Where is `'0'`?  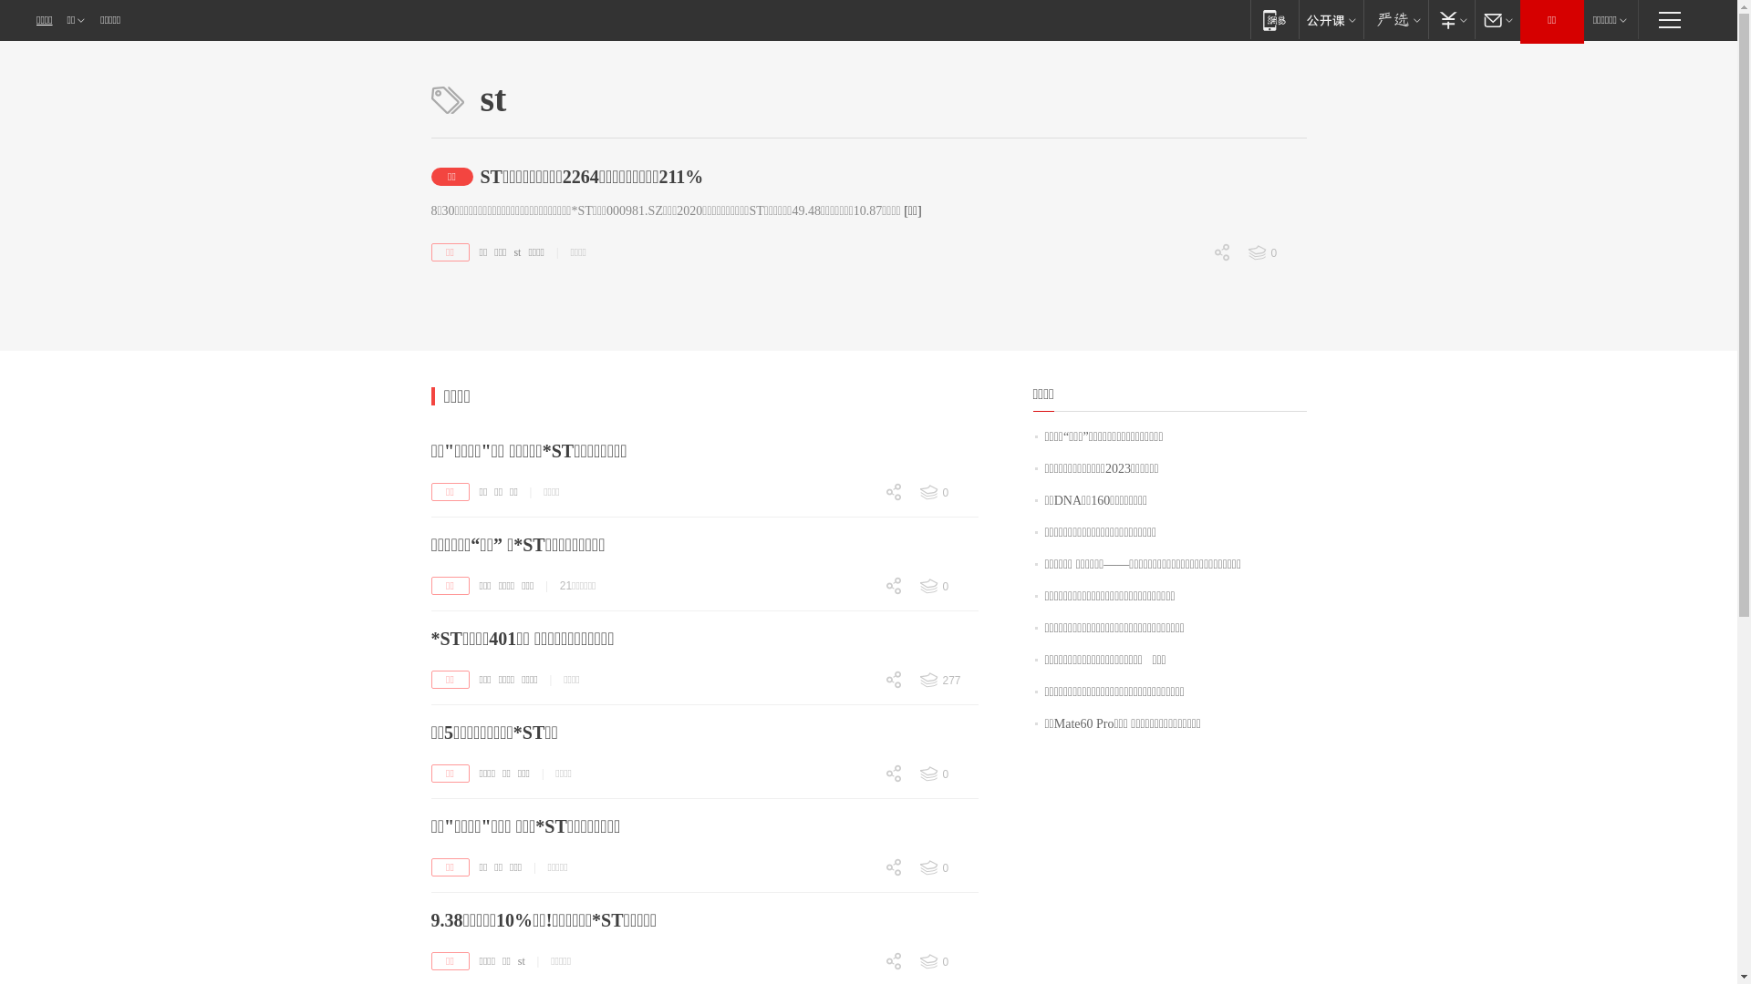
'0' is located at coordinates (1138, 284).